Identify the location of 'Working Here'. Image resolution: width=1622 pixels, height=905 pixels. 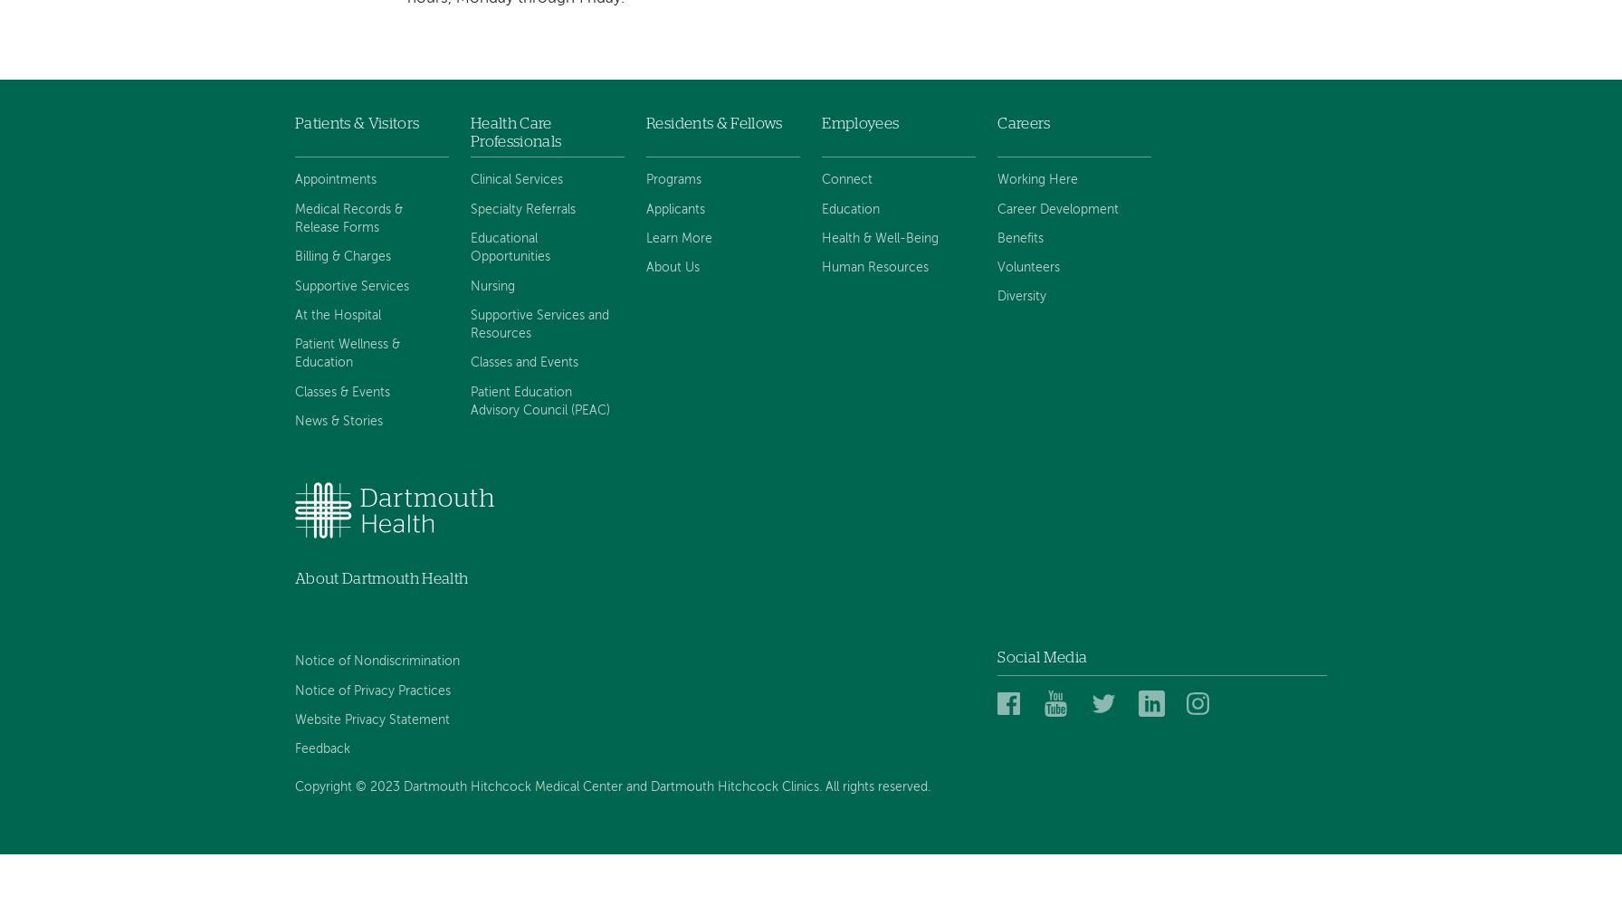
(1037, 179).